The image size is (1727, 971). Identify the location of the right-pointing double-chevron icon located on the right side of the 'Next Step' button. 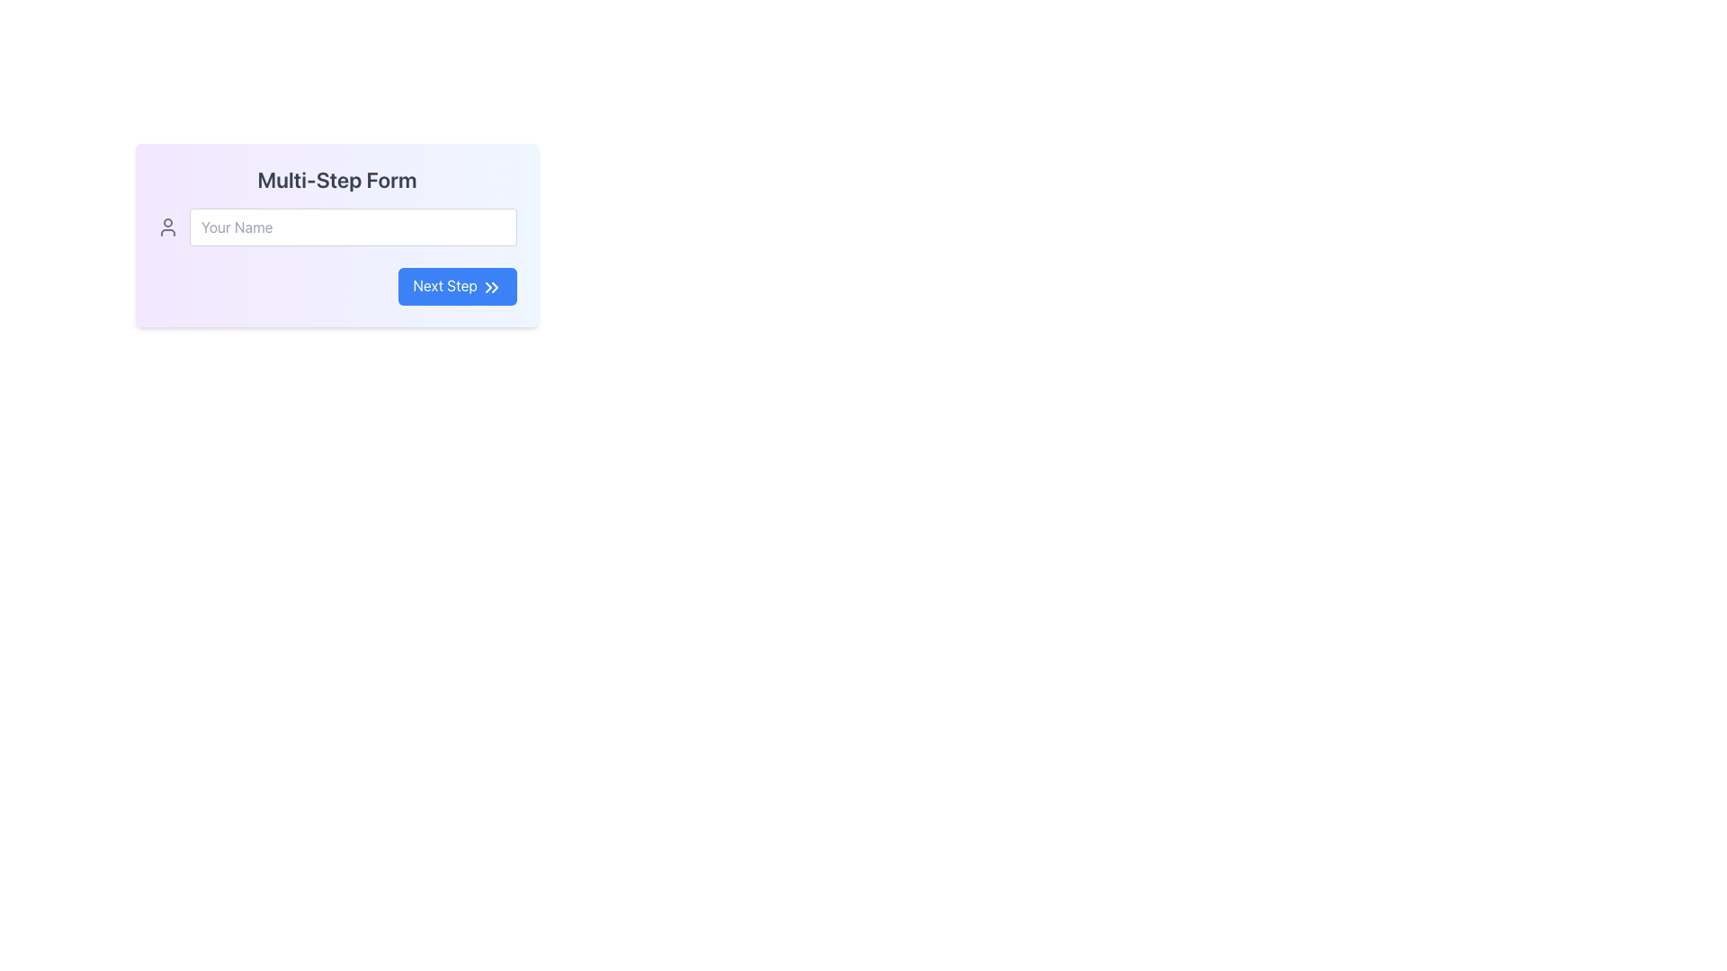
(492, 286).